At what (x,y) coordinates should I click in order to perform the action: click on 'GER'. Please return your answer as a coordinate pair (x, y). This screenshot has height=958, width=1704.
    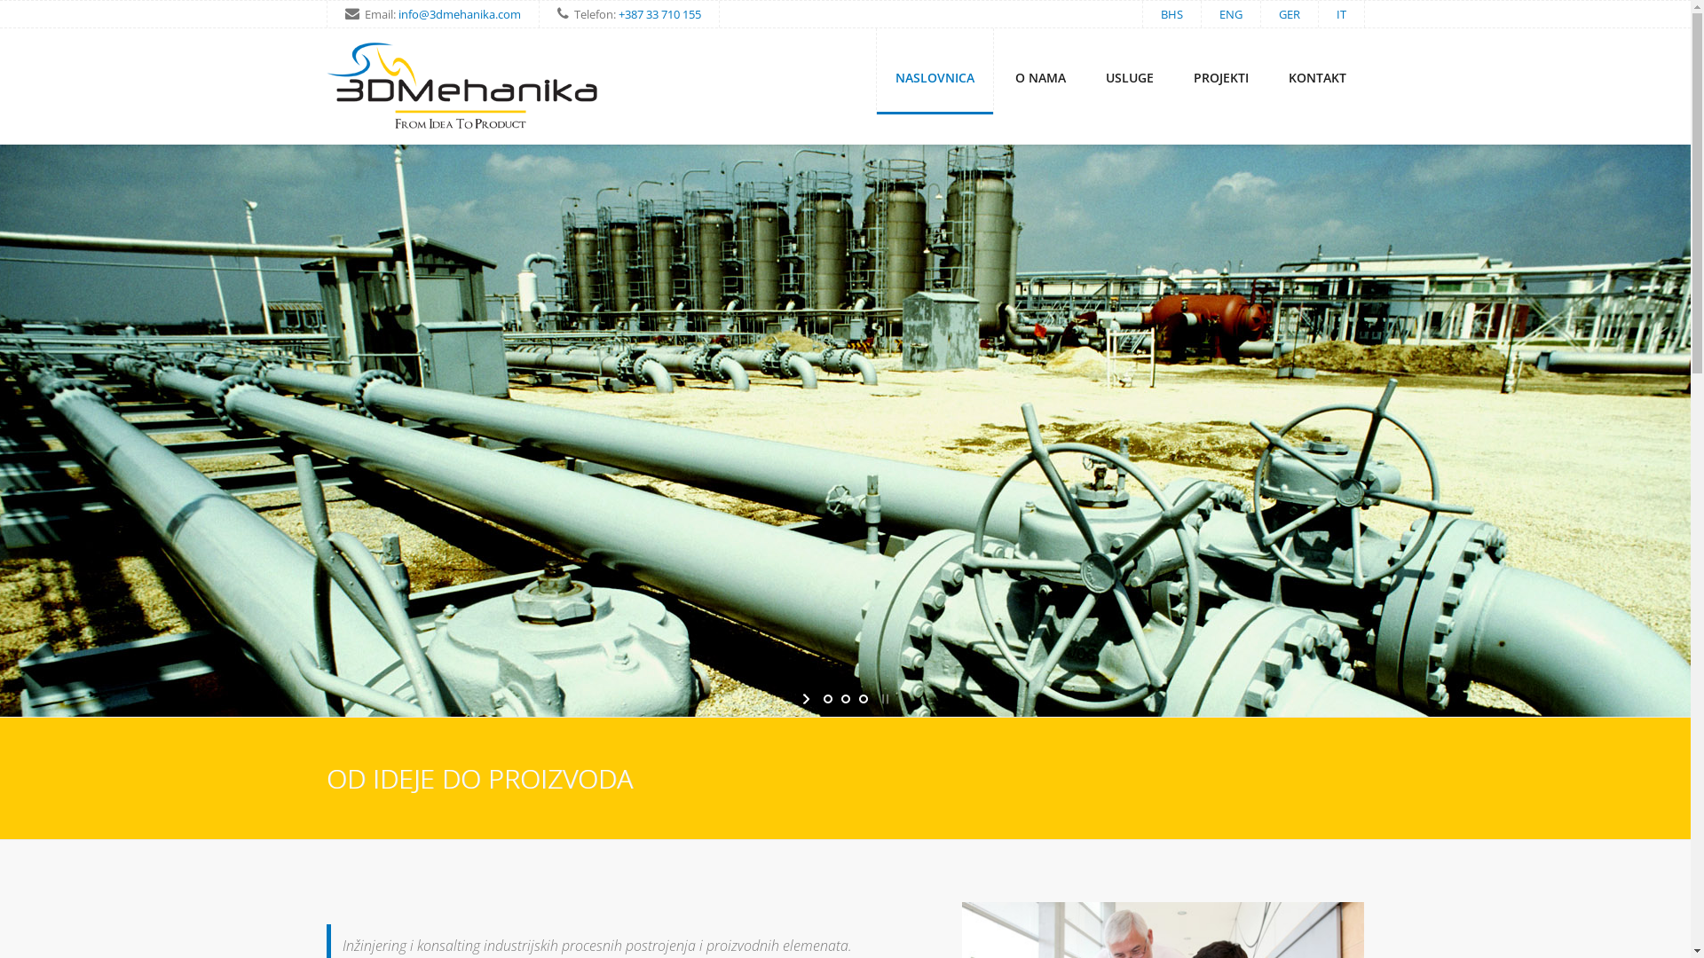
    Looking at the image, I should click on (1278, 13).